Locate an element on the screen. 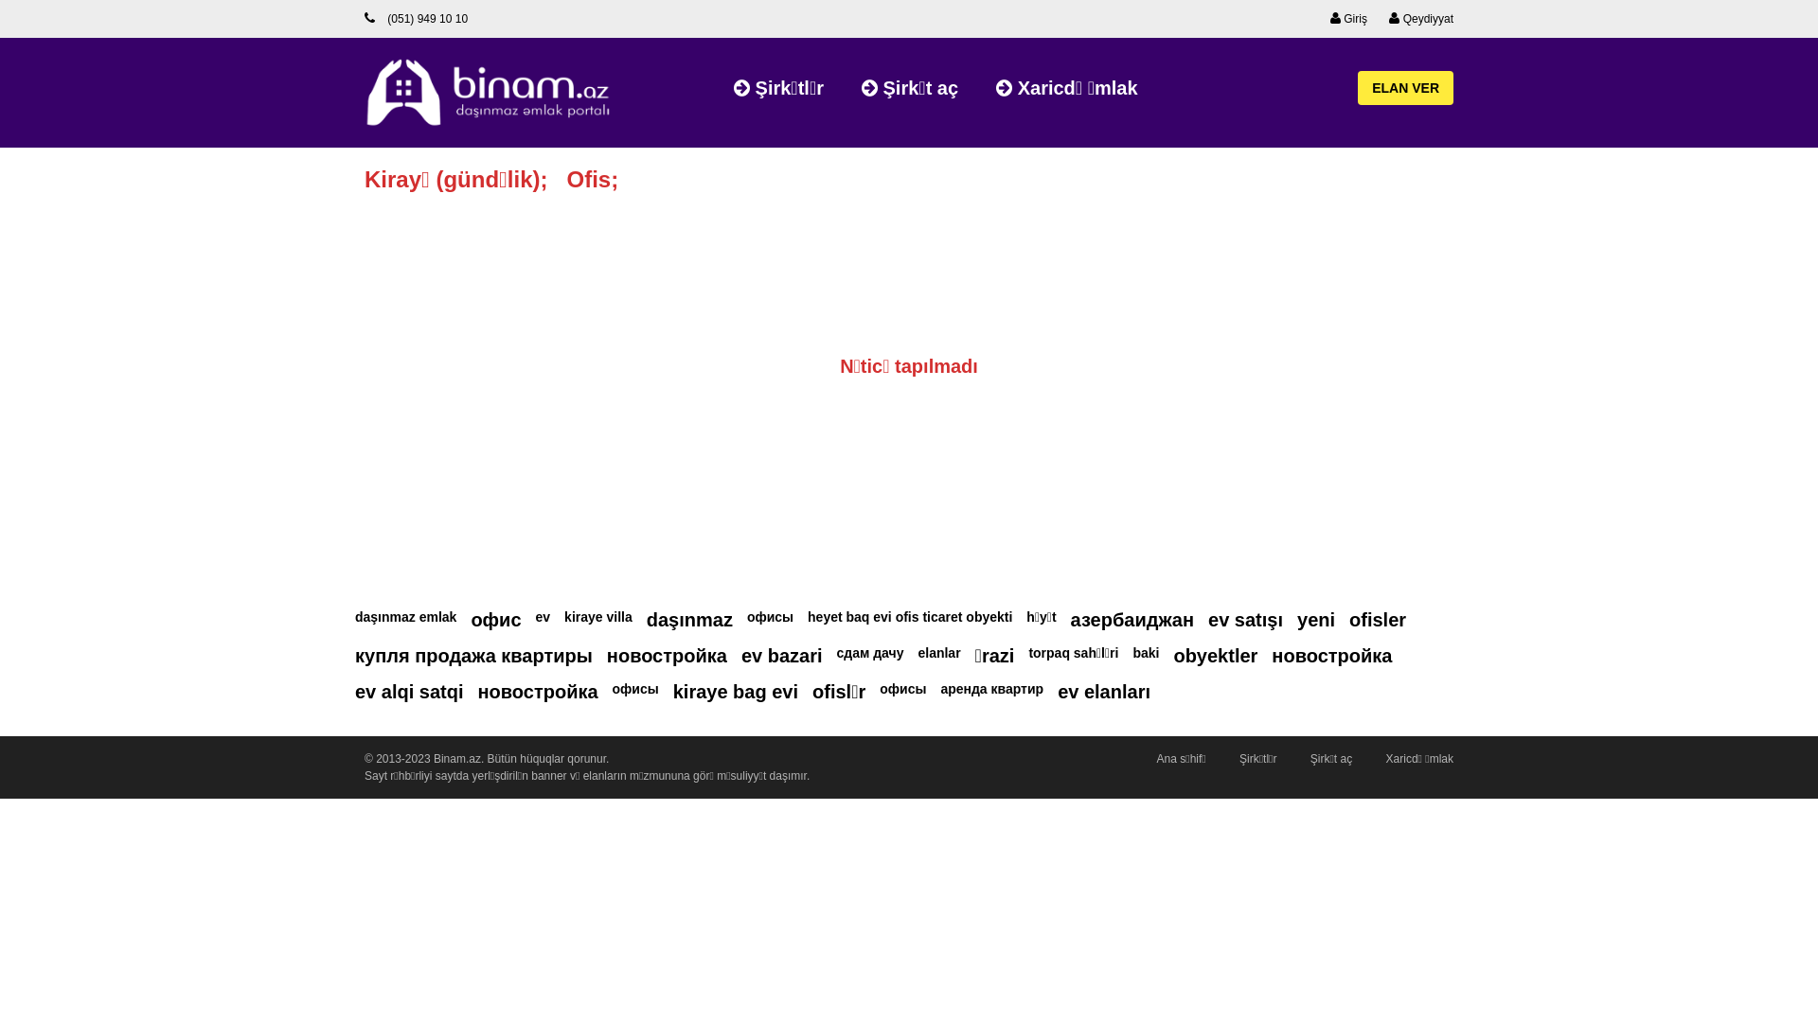  'kiraye bag evi' is located at coordinates (735, 692).